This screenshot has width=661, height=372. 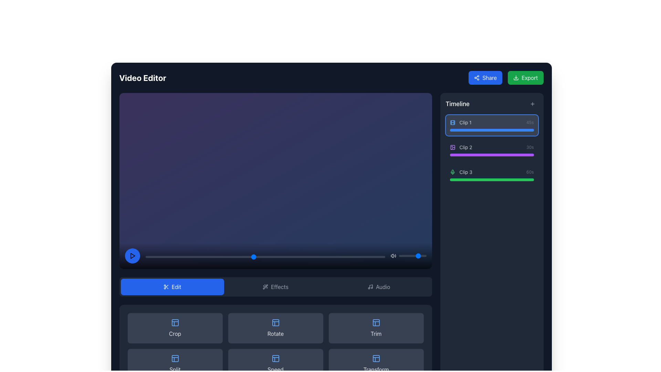 I want to click on the icon located in the bottom section of the interface, which is a rectangular shape with rounded corners styled as a grid-like panel, so click(x=175, y=358).